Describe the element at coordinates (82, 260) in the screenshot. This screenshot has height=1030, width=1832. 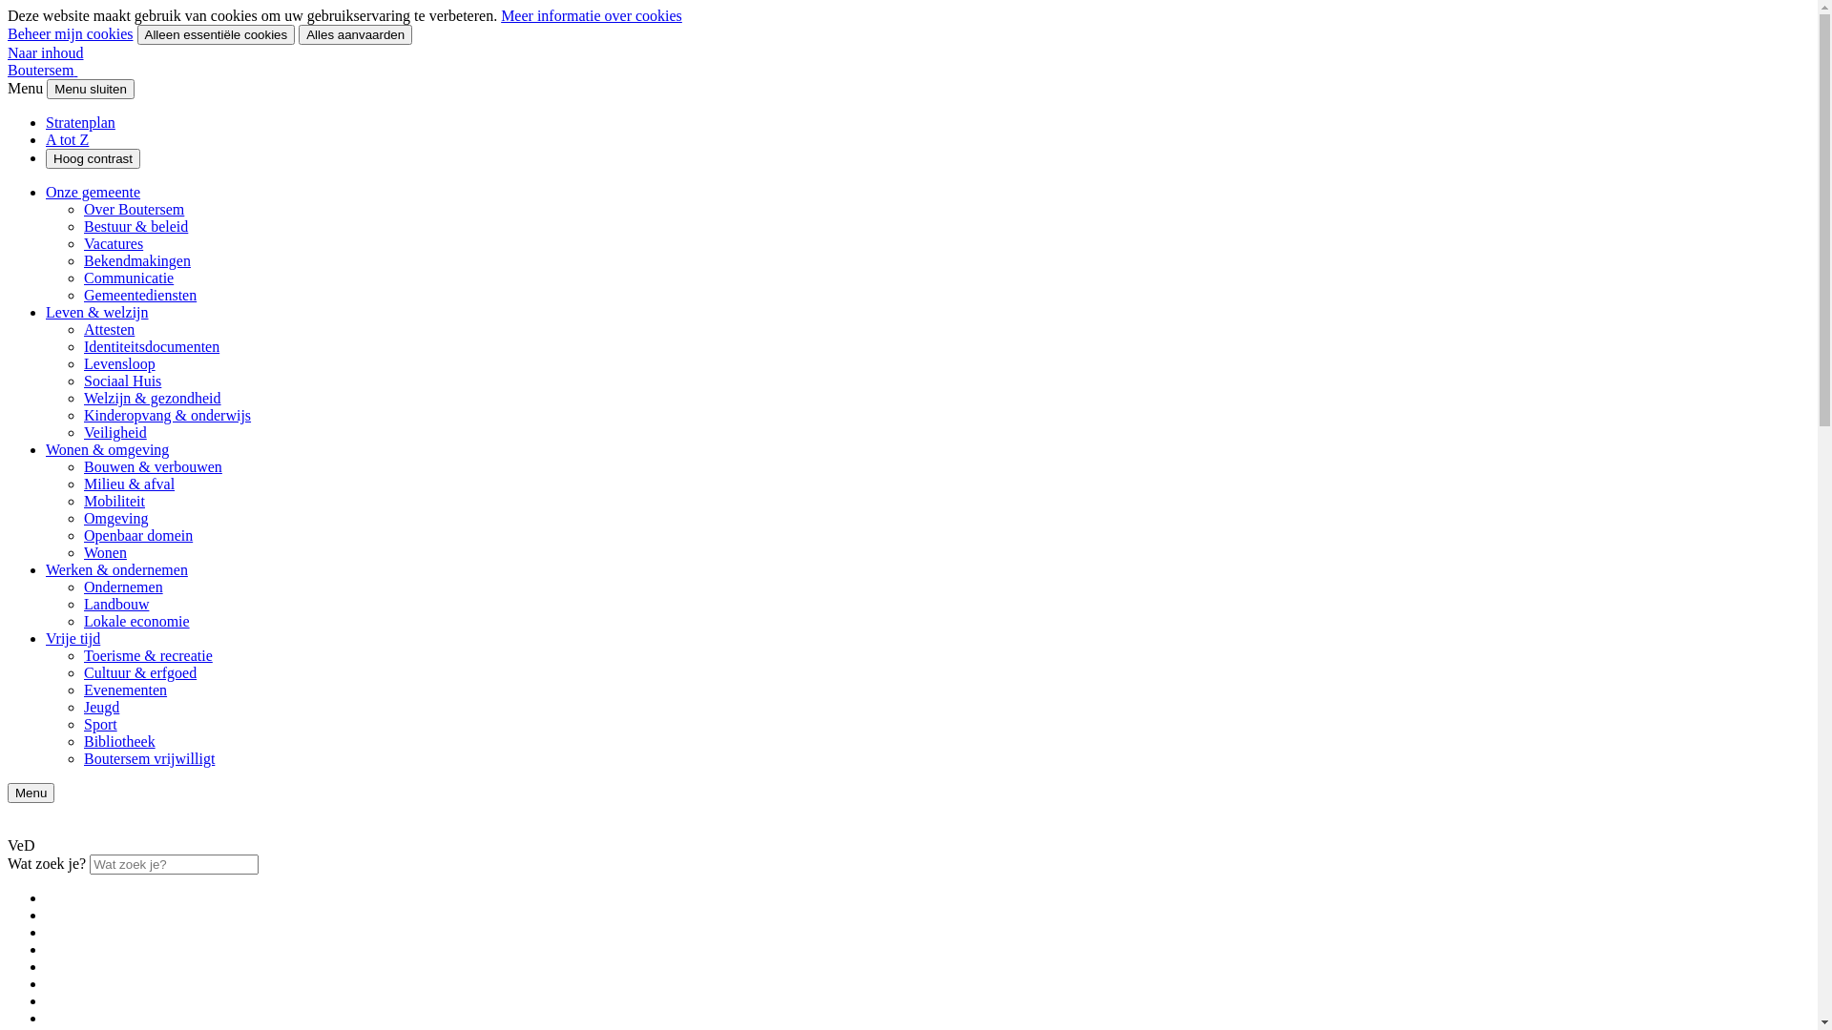
I see `'Bekendmakingen'` at that location.